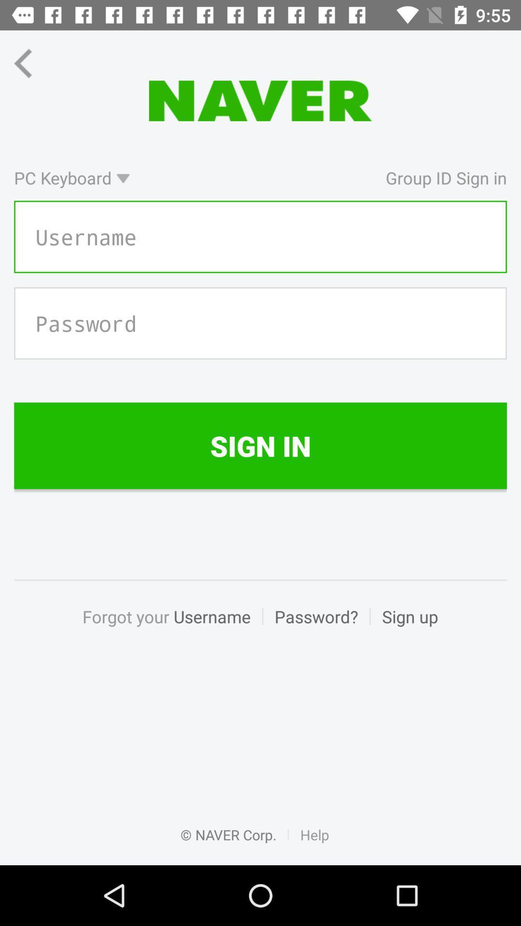 This screenshot has width=521, height=926. I want to click on forgot your username app, so click(172, 627).